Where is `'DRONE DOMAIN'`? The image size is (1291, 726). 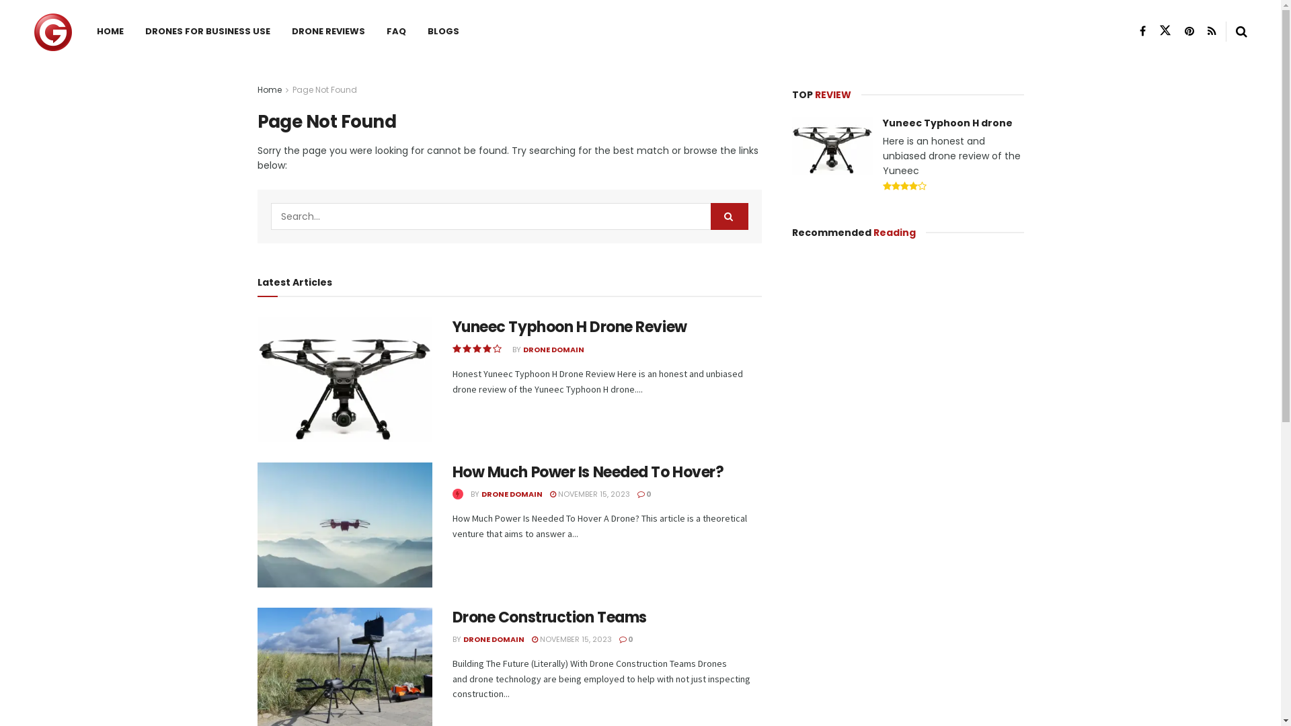 'DRONE DOMAIN' is located at coordinates (492, 639).